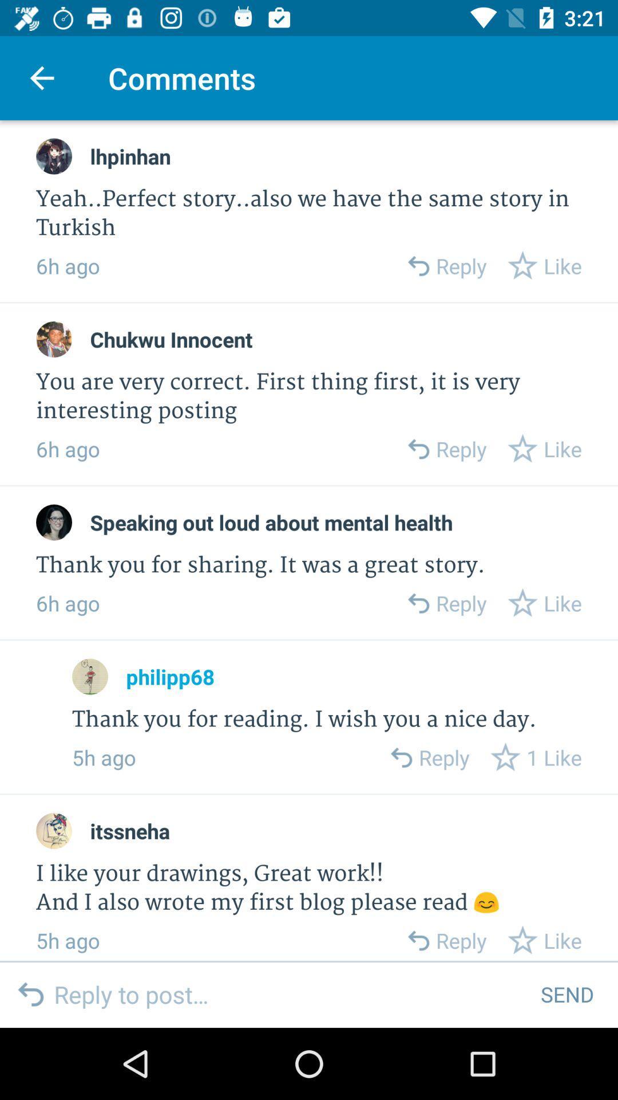 The width and height of the screenshot is (618, 1100). I want to click on profile, so click(54, 156).